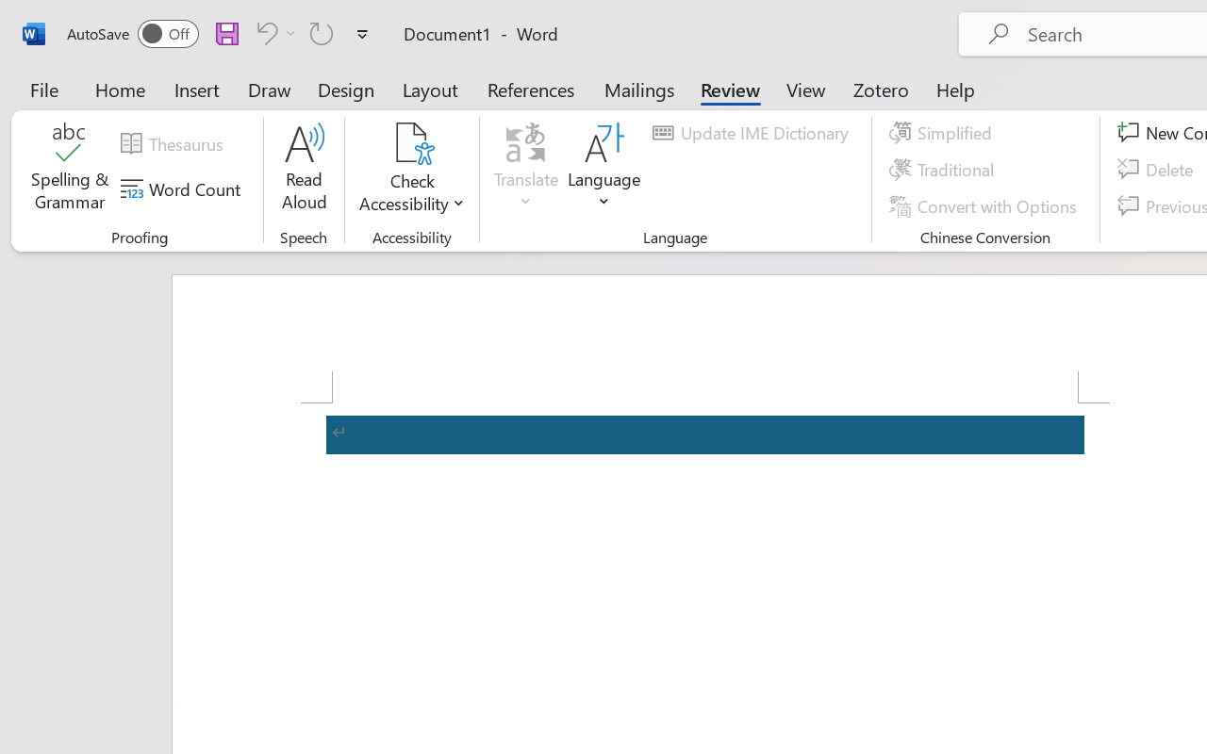  I want to click on 'Delete', so click(1157, 169).